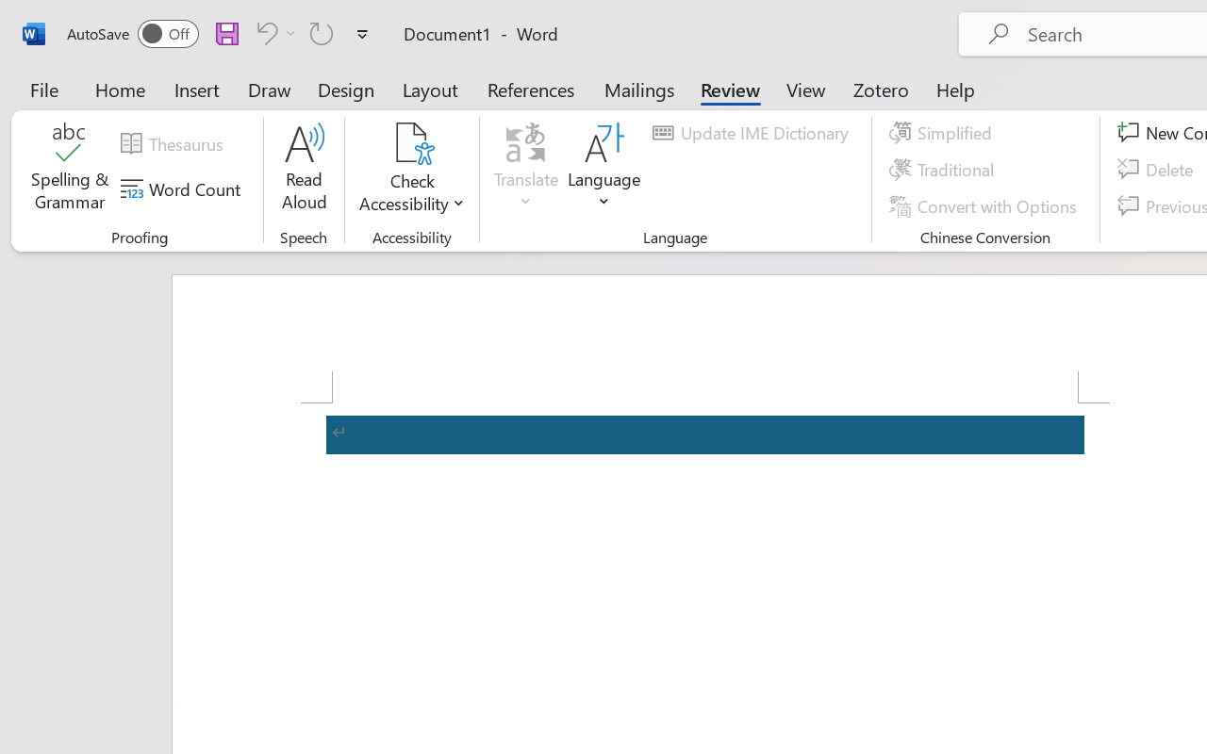  I want to click on 'Delete', so click(1157, 169).